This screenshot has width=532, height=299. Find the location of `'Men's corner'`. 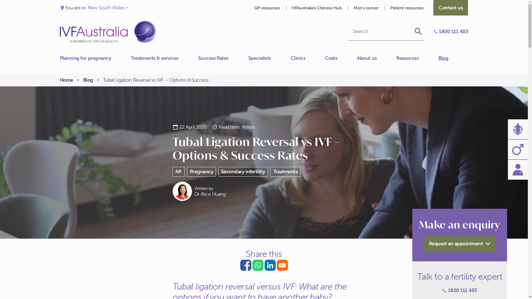

'Men's corner' is located at coordinates (366, 7).